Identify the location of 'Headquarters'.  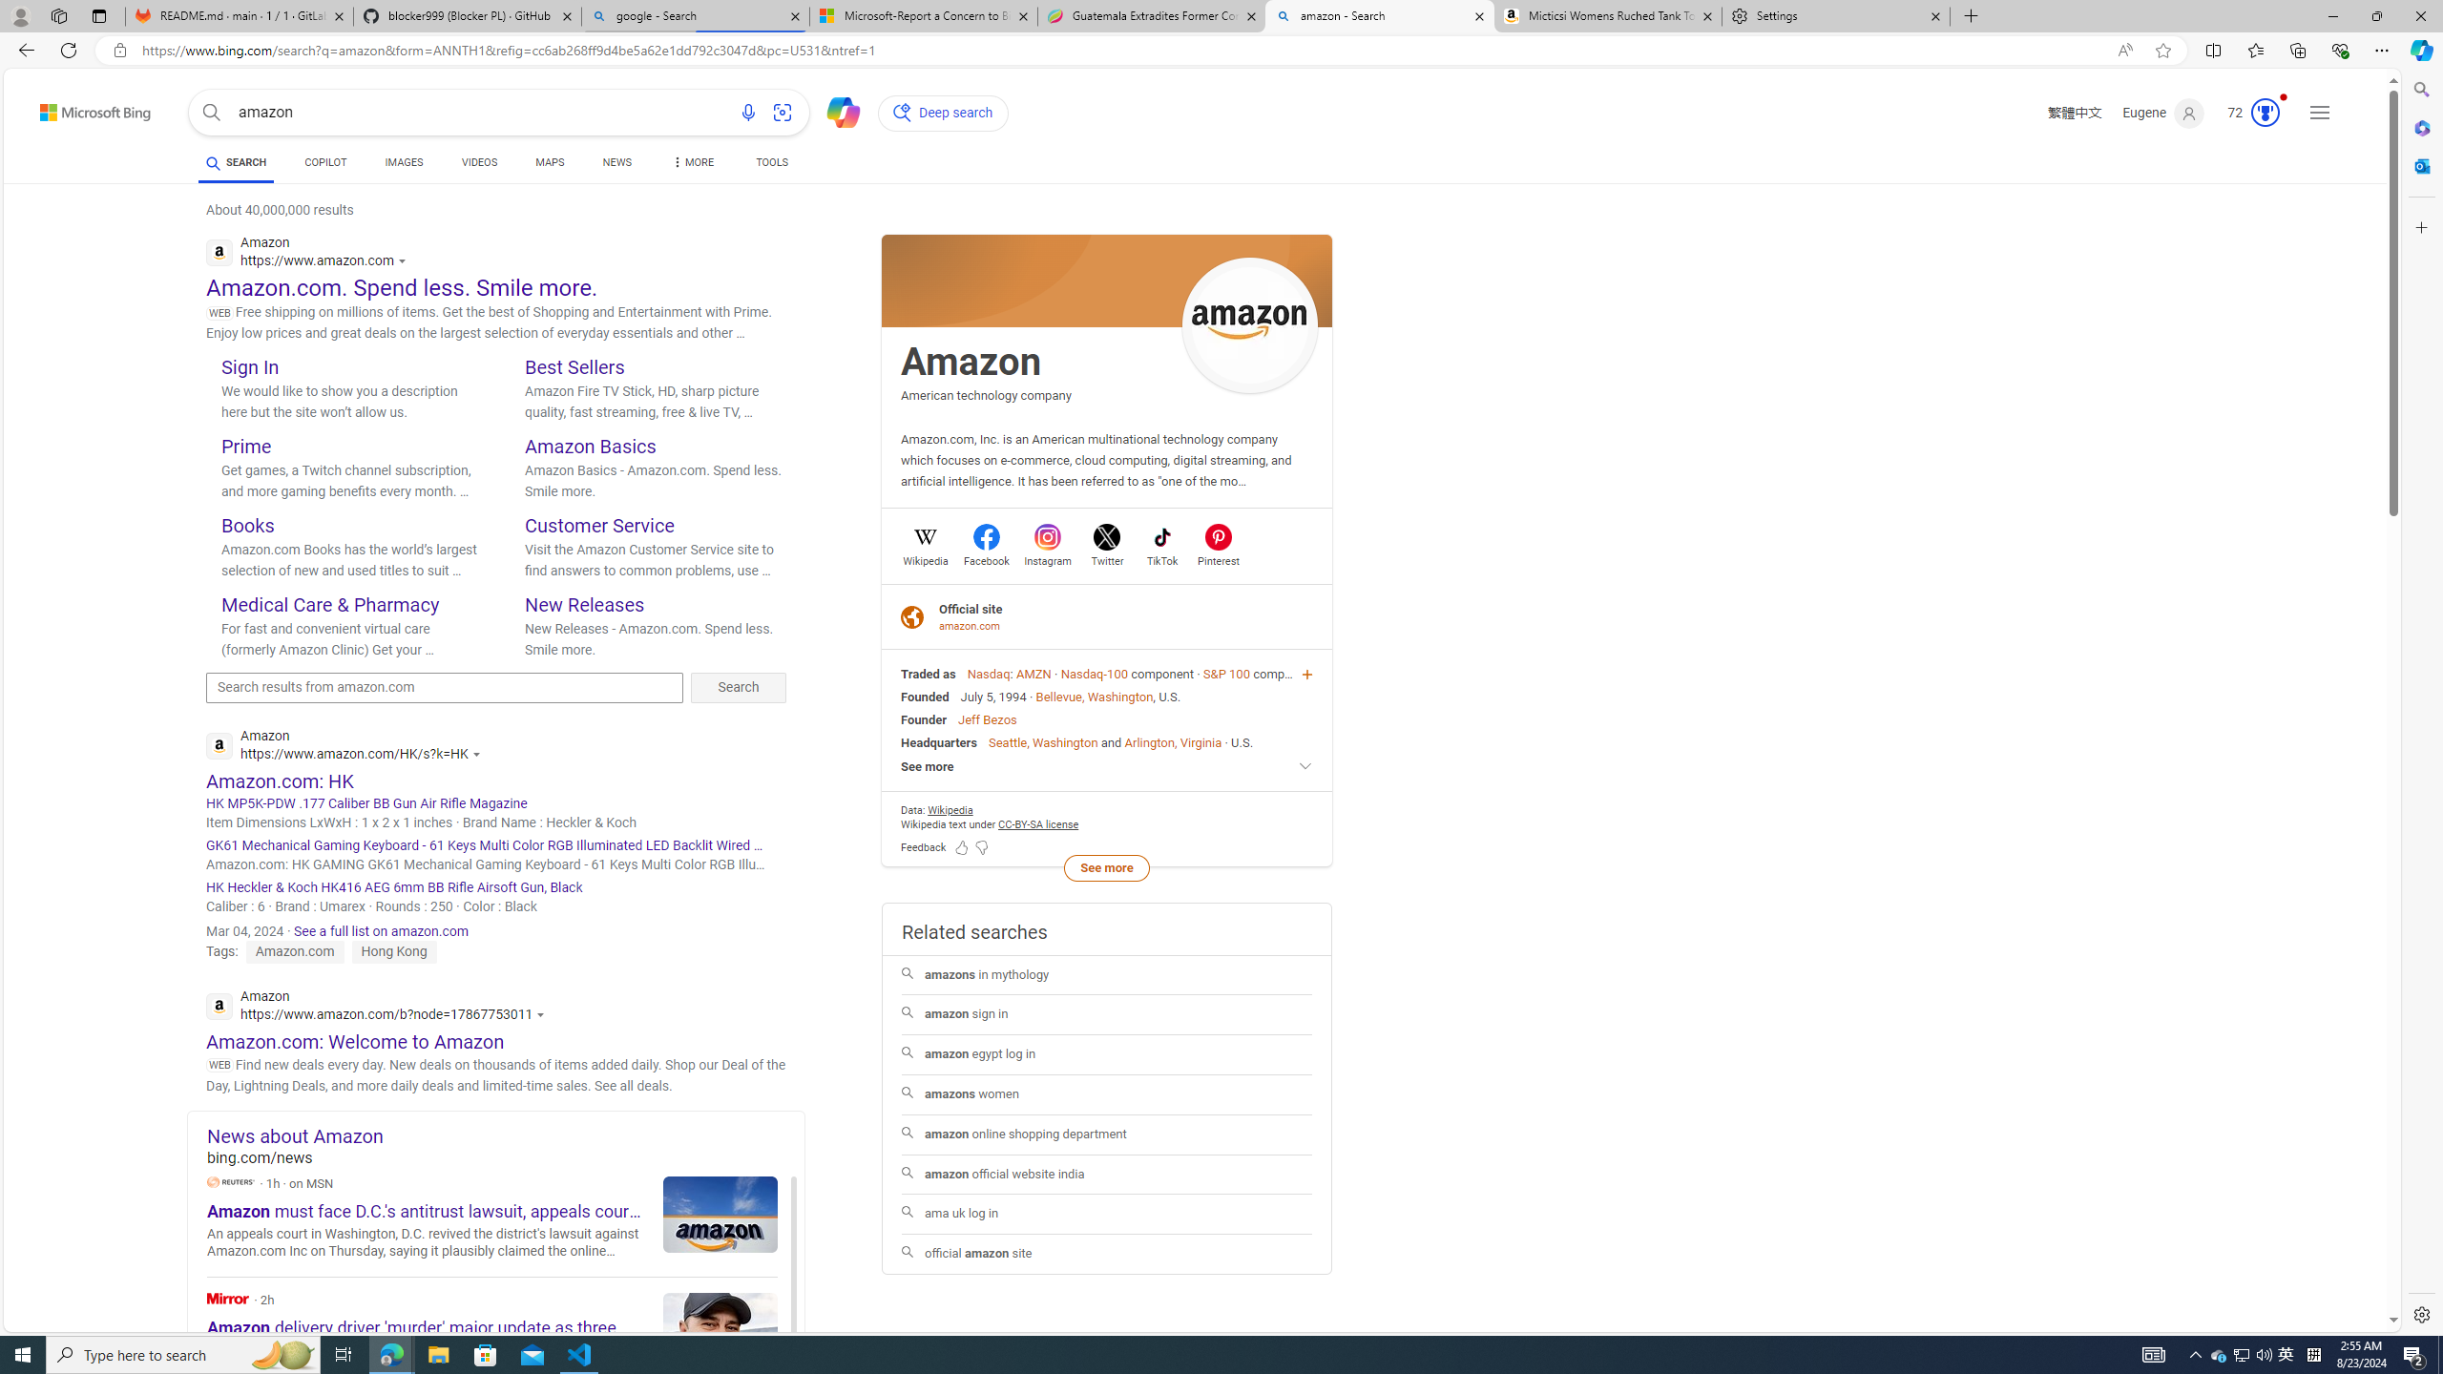
(938, 741).